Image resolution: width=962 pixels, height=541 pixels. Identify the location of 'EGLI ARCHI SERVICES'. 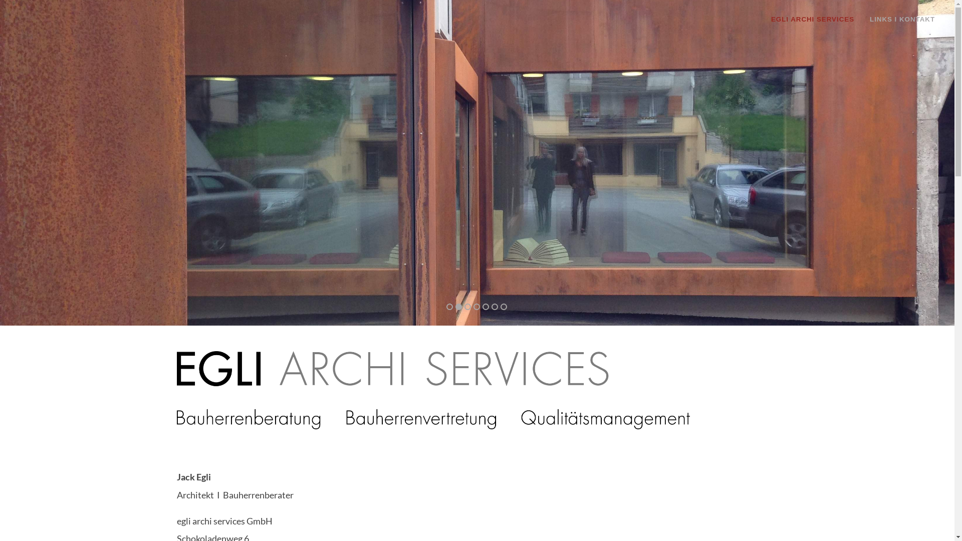
(816, 19).